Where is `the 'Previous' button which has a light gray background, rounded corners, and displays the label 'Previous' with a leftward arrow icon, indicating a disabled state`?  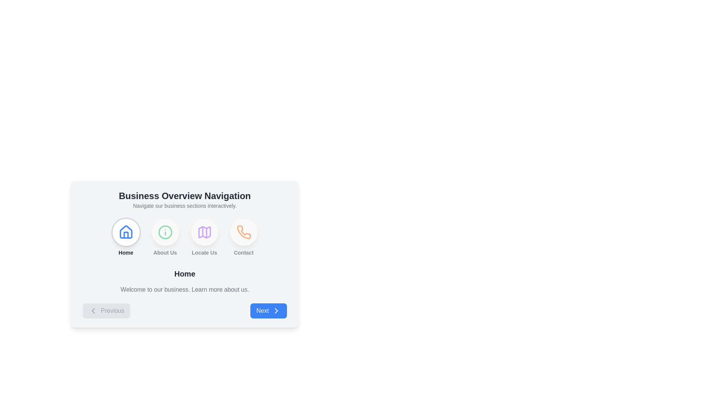 the 'Previous' button which has a light gray background, rounded corners, and displays the label 'Previous' with a leftward arrow icon, indicating a disabled state is located at coordinates (106, 311).